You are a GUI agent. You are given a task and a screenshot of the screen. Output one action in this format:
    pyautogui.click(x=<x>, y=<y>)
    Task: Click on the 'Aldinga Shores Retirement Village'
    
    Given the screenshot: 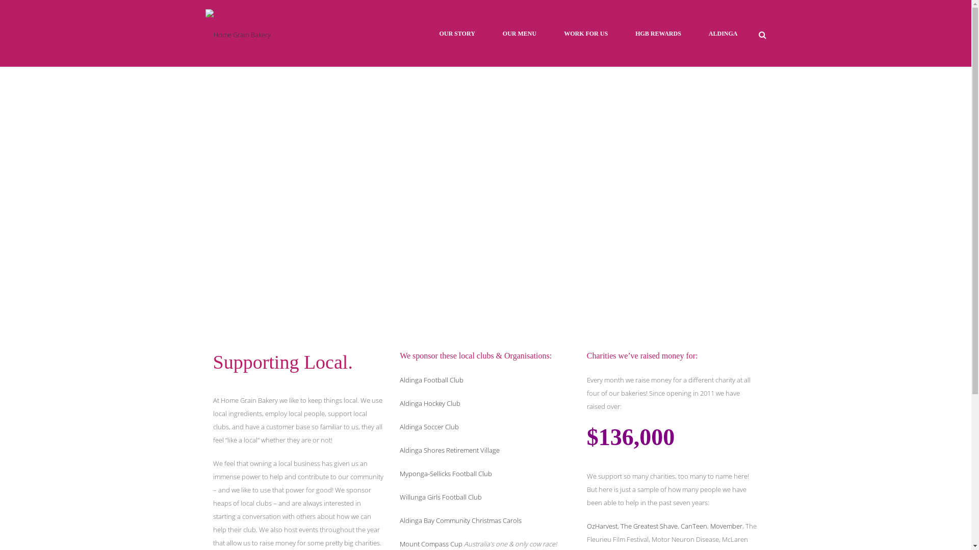 What is the action you would take?
    pyautogui.click(x=449, y=449)
    